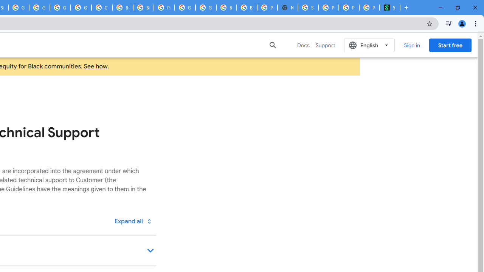  Describe the element at coordinates (325, 45) in the screenshot. I see `'Support'` at that location.